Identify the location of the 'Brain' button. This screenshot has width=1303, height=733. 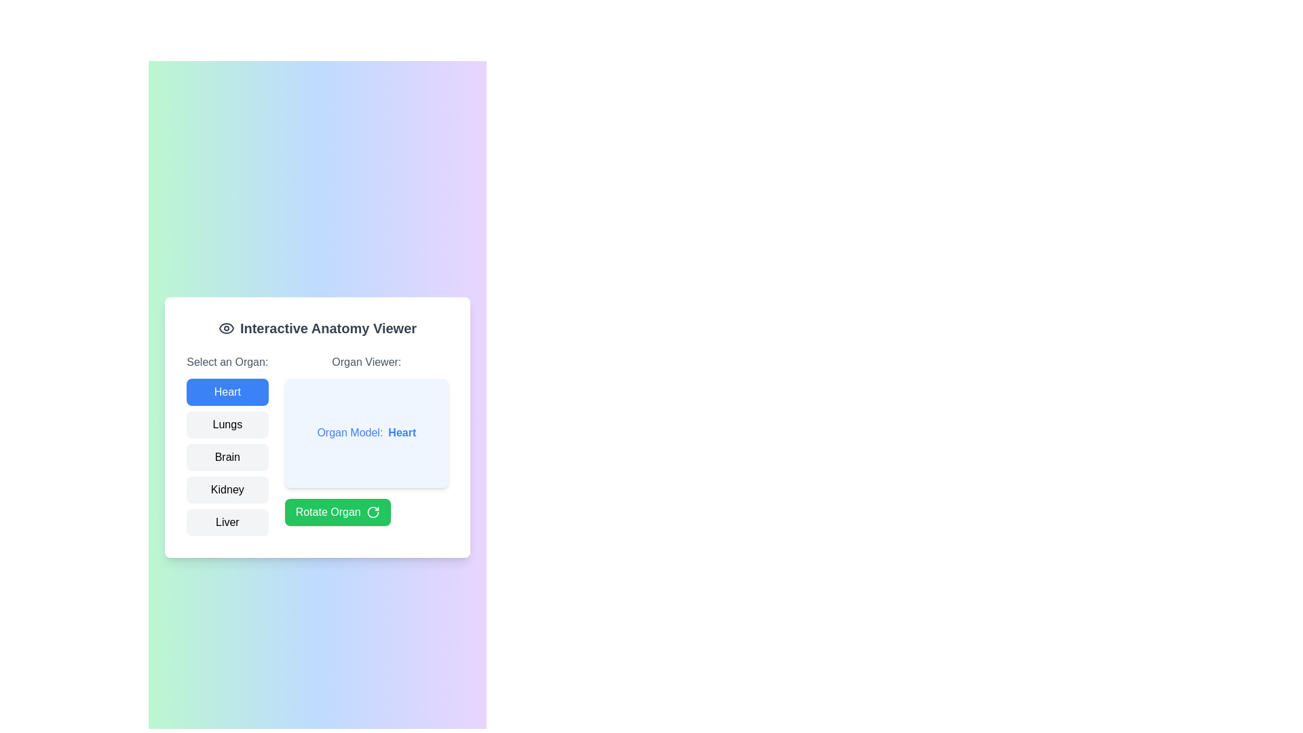
(227, 457).